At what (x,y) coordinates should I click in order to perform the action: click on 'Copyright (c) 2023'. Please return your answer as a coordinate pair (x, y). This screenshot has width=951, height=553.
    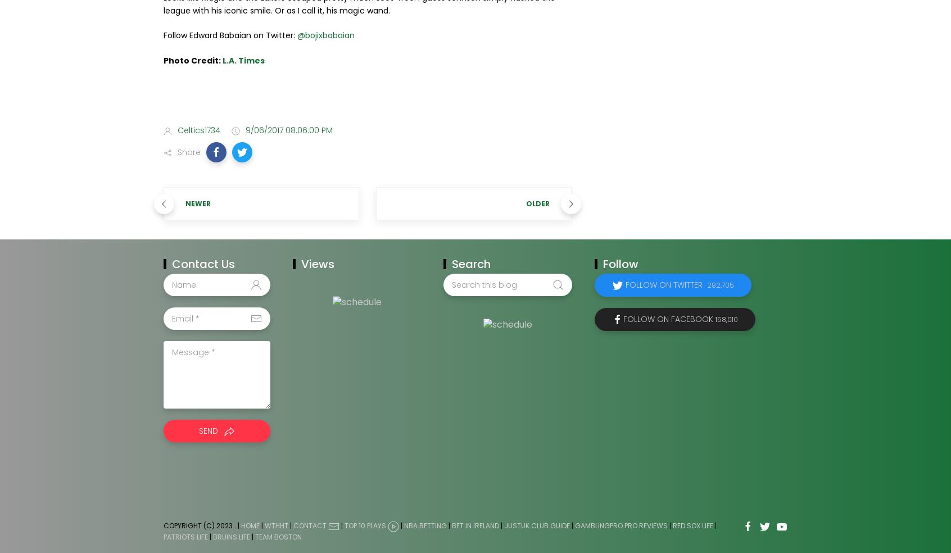
    Looking at the image, I should click on (198, 525).